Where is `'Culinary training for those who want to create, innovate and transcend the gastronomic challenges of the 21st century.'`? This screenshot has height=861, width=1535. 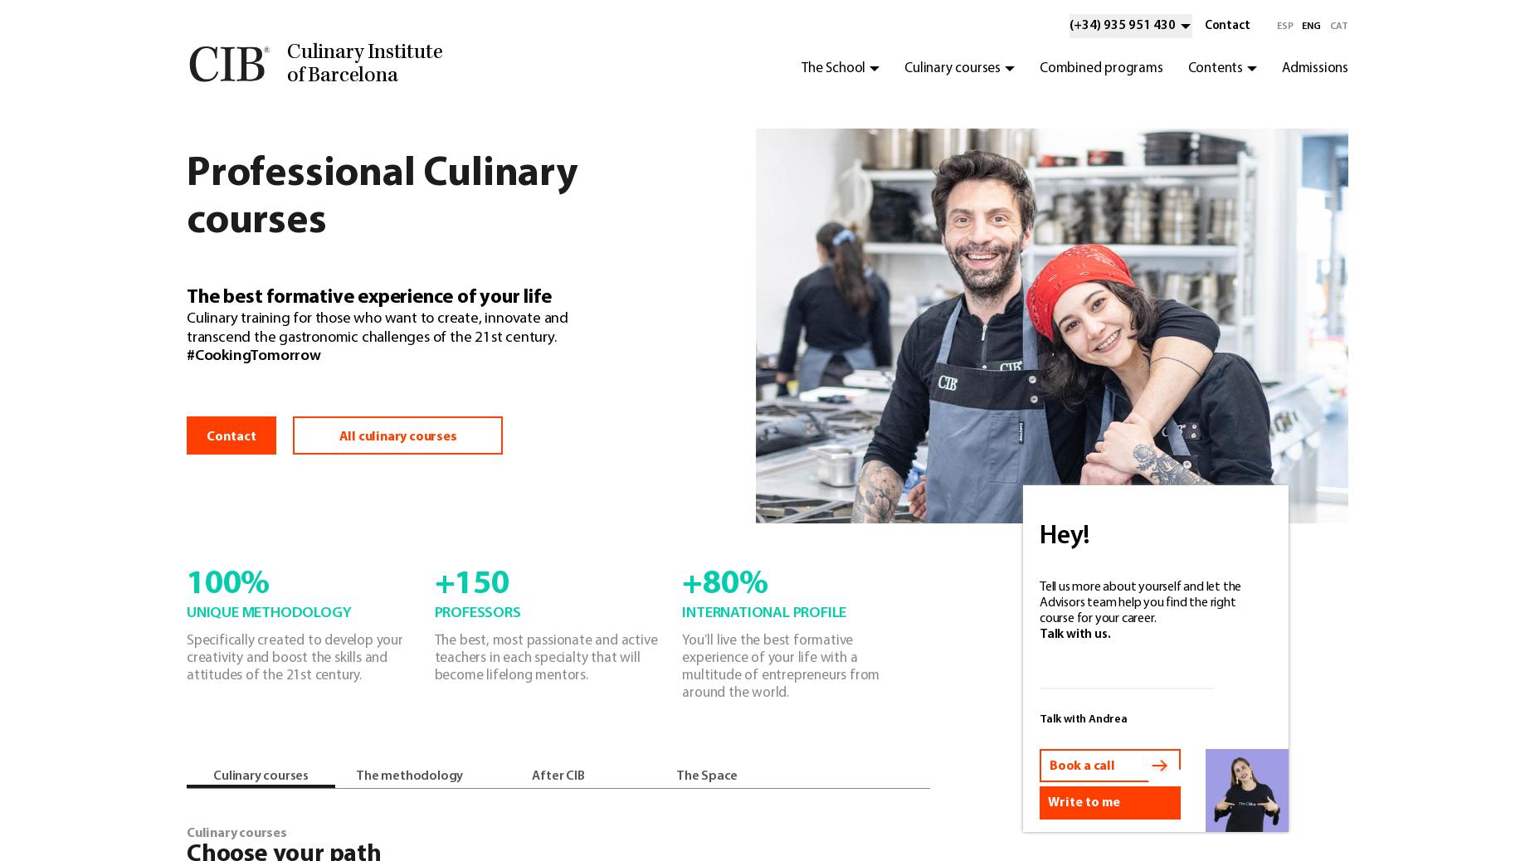
'Culinary training for those who want to create, innovate and transcend the gastronomic challenges of the 21st century.' is located at coordinates (376, 328).